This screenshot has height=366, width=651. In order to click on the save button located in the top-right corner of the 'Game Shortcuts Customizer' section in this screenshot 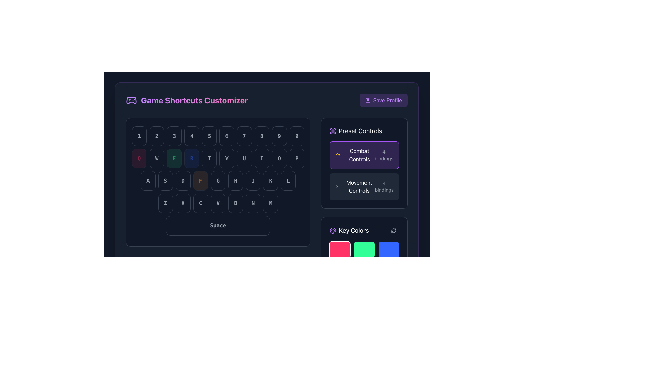, I will do `click(383, 100)`.